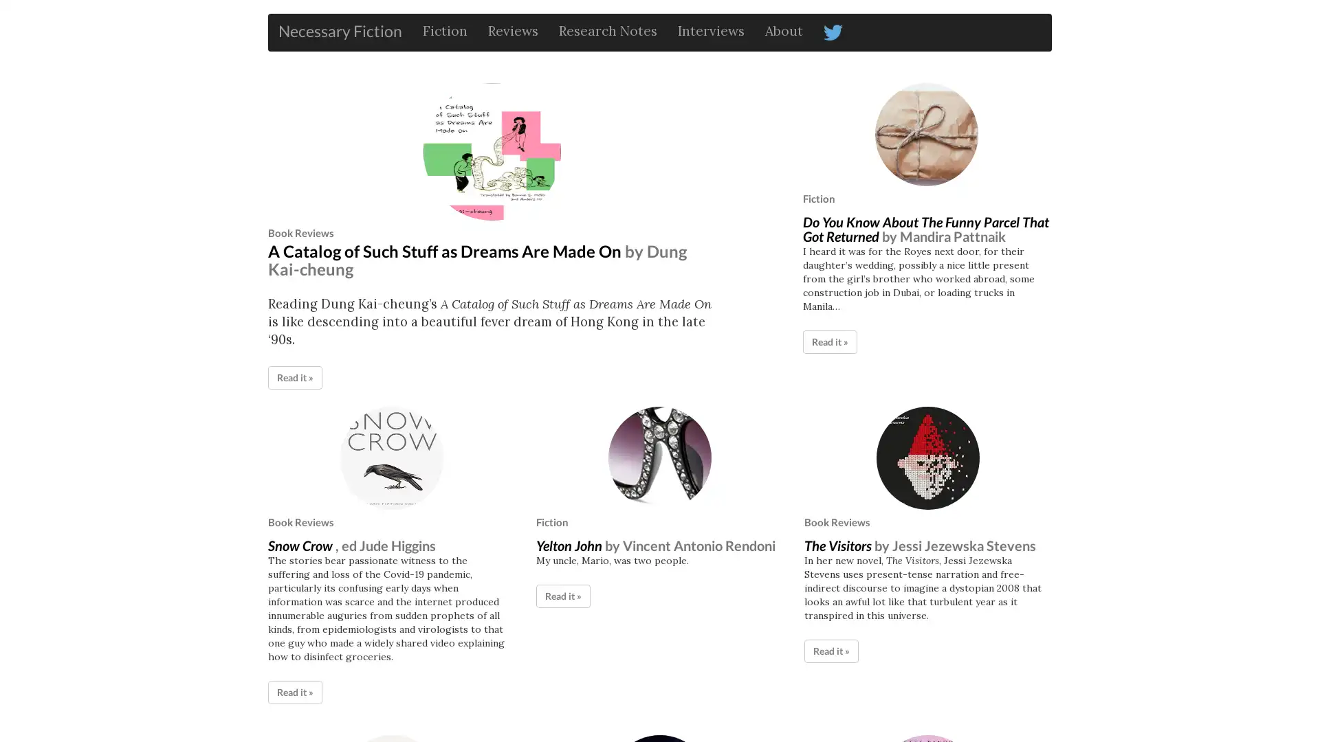 This screenshot has width=1320, height=742. I want to click on Read it, so click(294, 691).